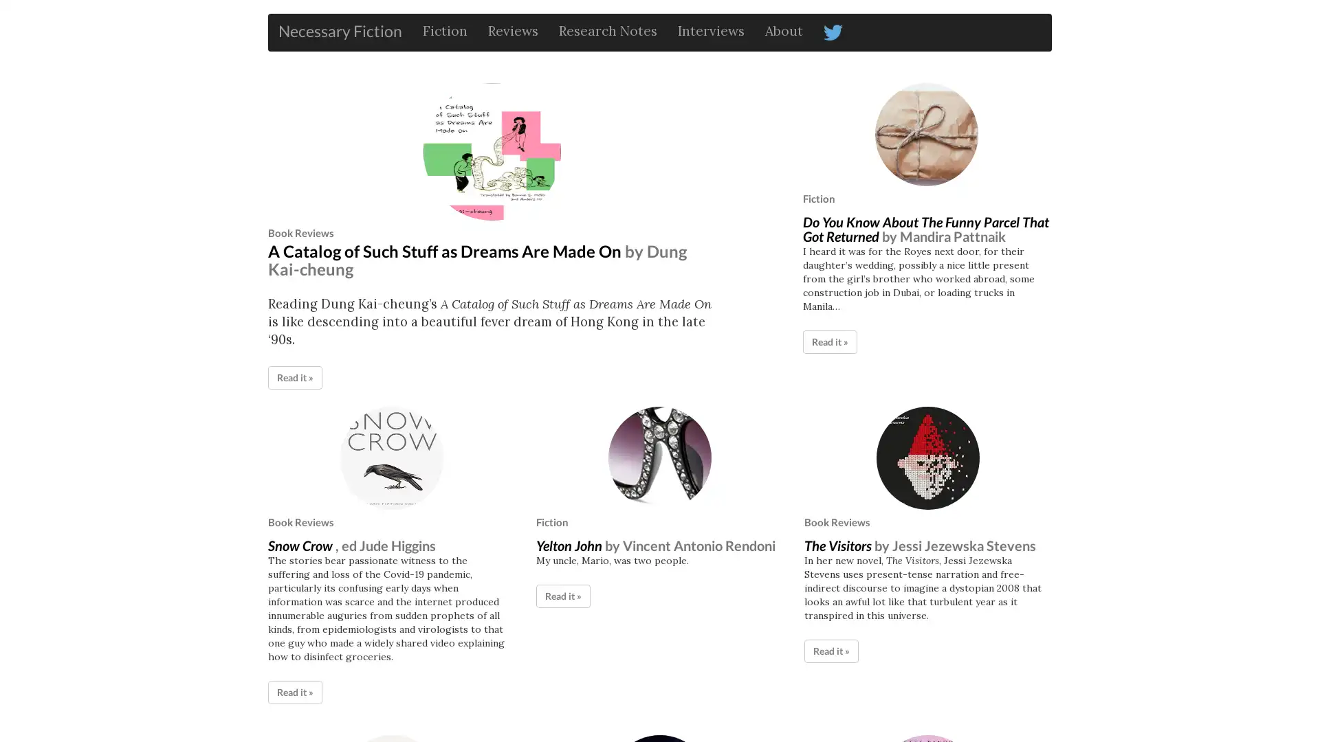 This screenshot has width=1320, height=742. I want to click on Read it, so click(294, 691).